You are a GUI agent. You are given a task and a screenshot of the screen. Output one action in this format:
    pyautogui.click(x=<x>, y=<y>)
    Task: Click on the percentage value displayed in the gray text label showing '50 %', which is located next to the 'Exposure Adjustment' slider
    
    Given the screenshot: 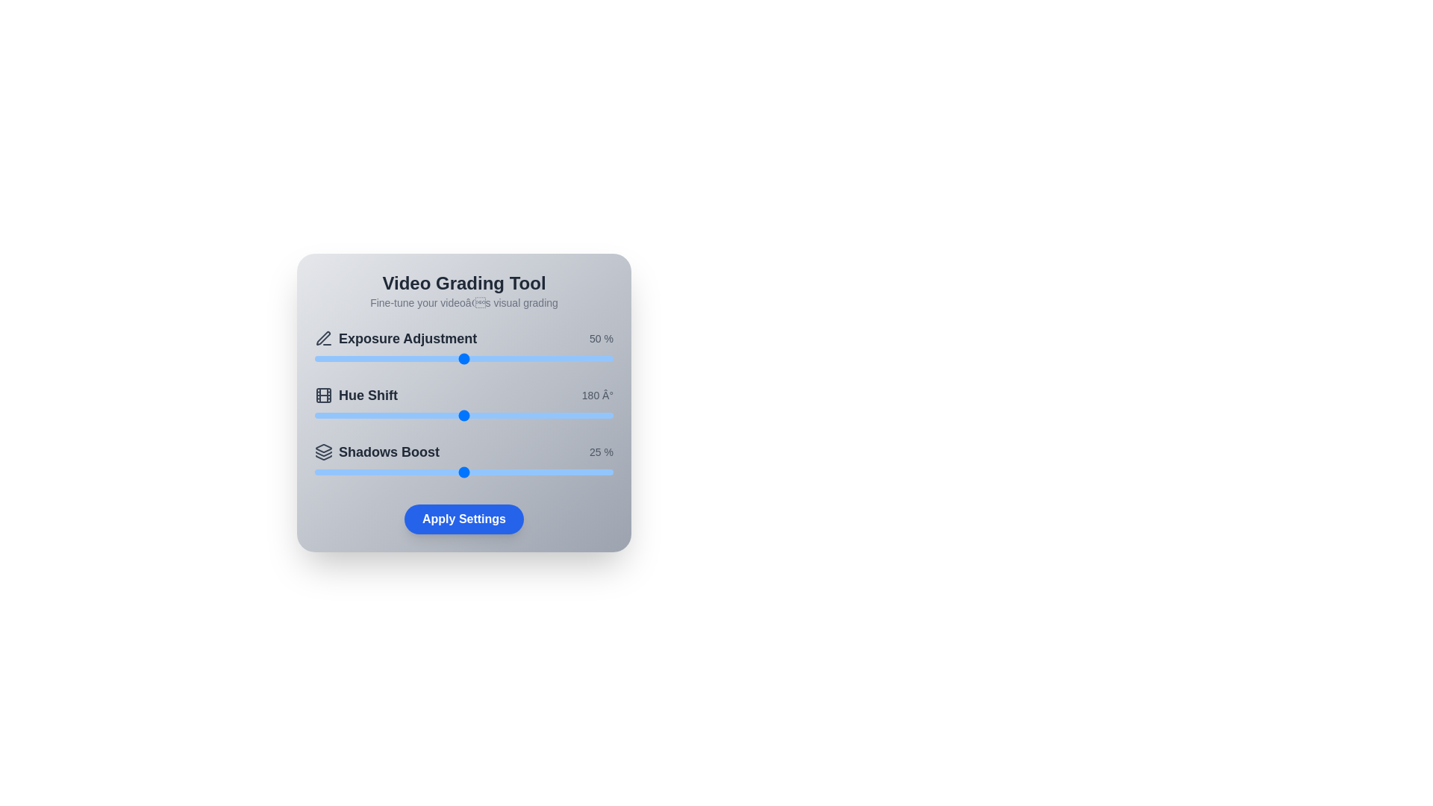 What is the action you would take?
    pyautogui.click(x=602, y=339)
    